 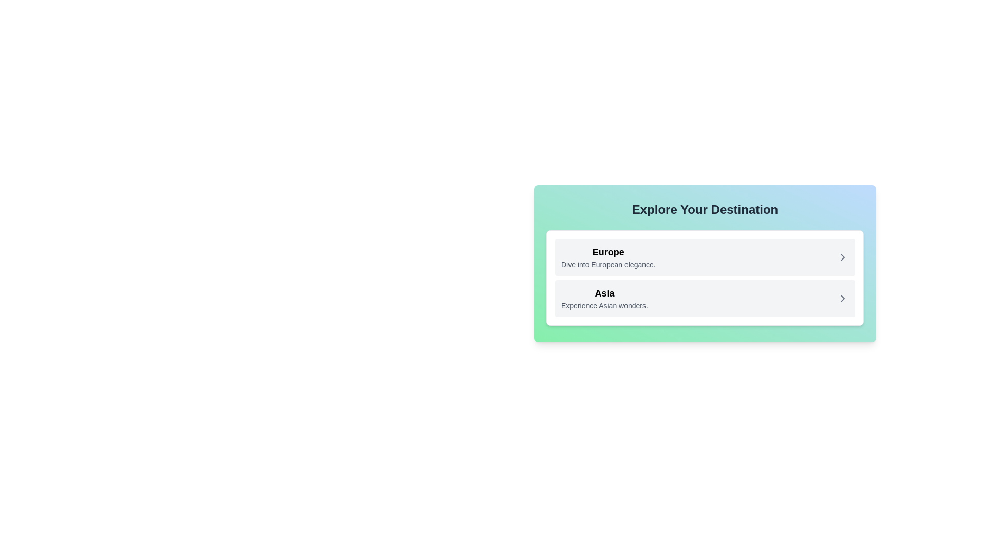 What do you see at coordinates (843, 257) in the screenshot?
I see `the right-pointing gray chevron icon within the 'Europe' interactive card` at bounding box center [843, 257].